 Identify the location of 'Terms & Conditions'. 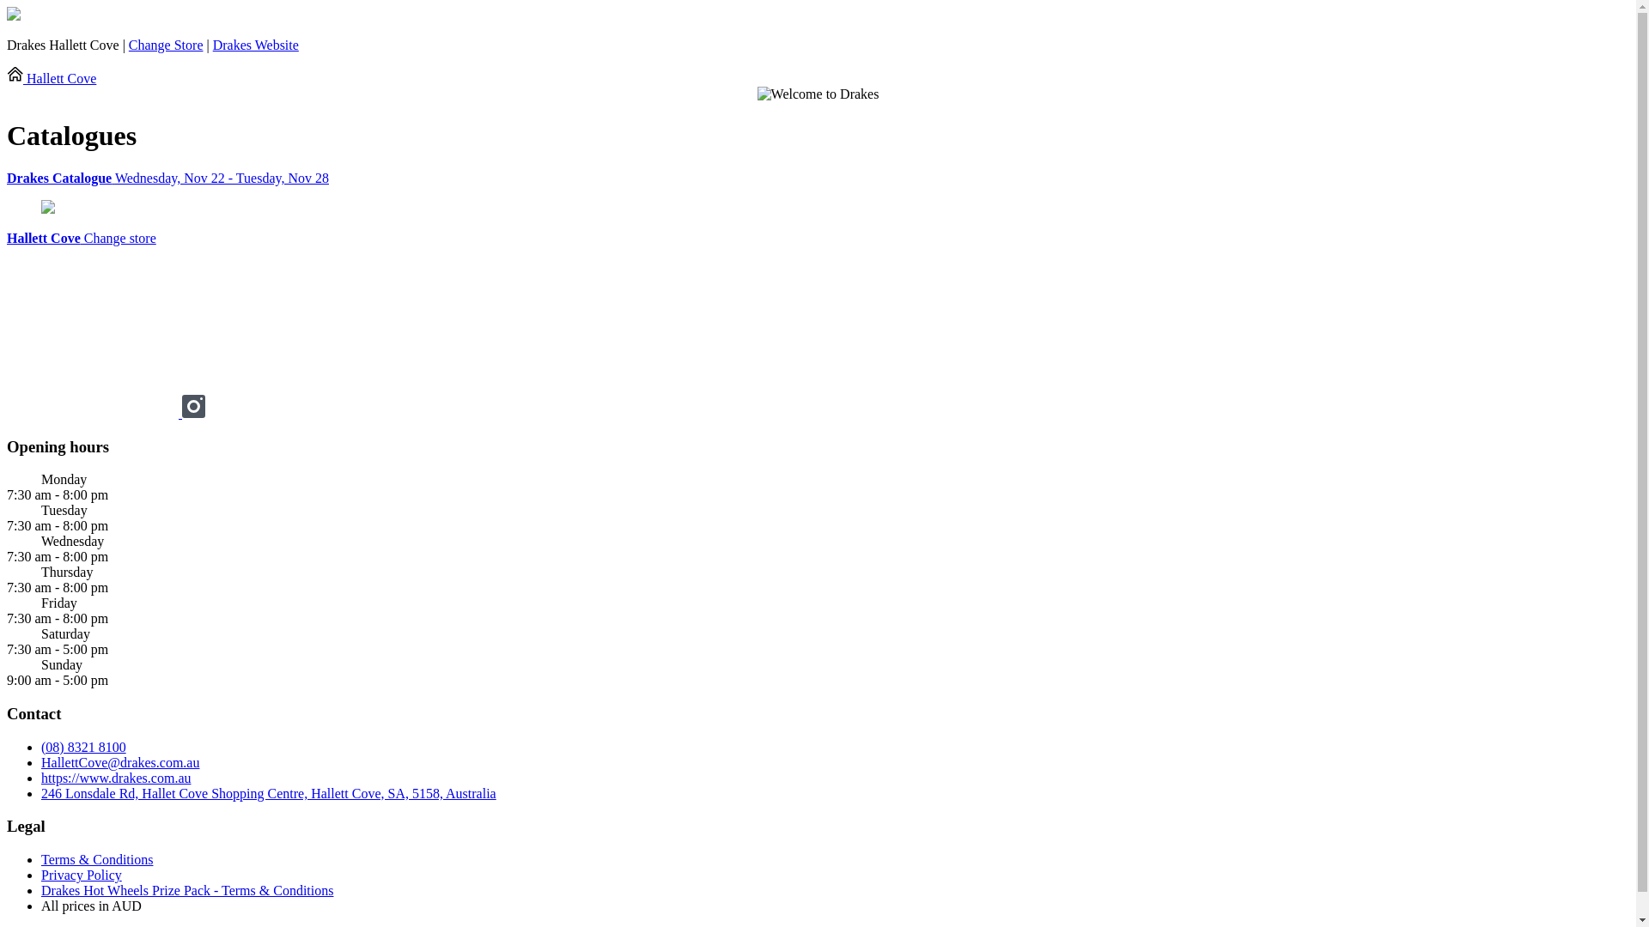
(96, 859).